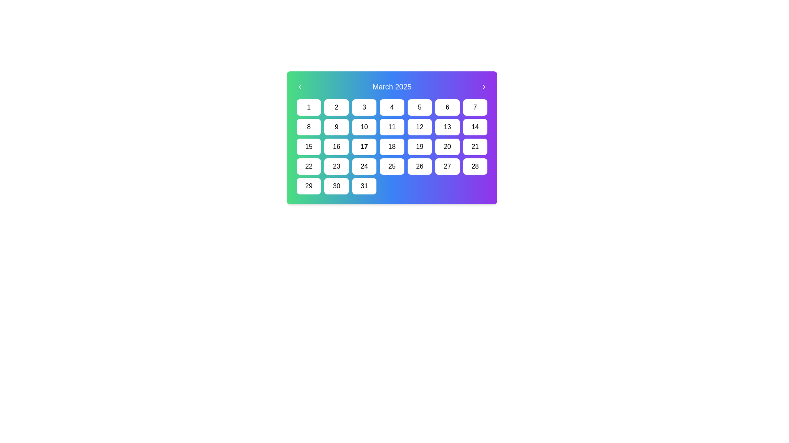 Image resolution: width=789 pixels, height=443 pixels. What do you see at coordinates (364, 127) in the screenshot?
I see `the button displaying the 10th day in the calendar` at bounding box center [364, 127].